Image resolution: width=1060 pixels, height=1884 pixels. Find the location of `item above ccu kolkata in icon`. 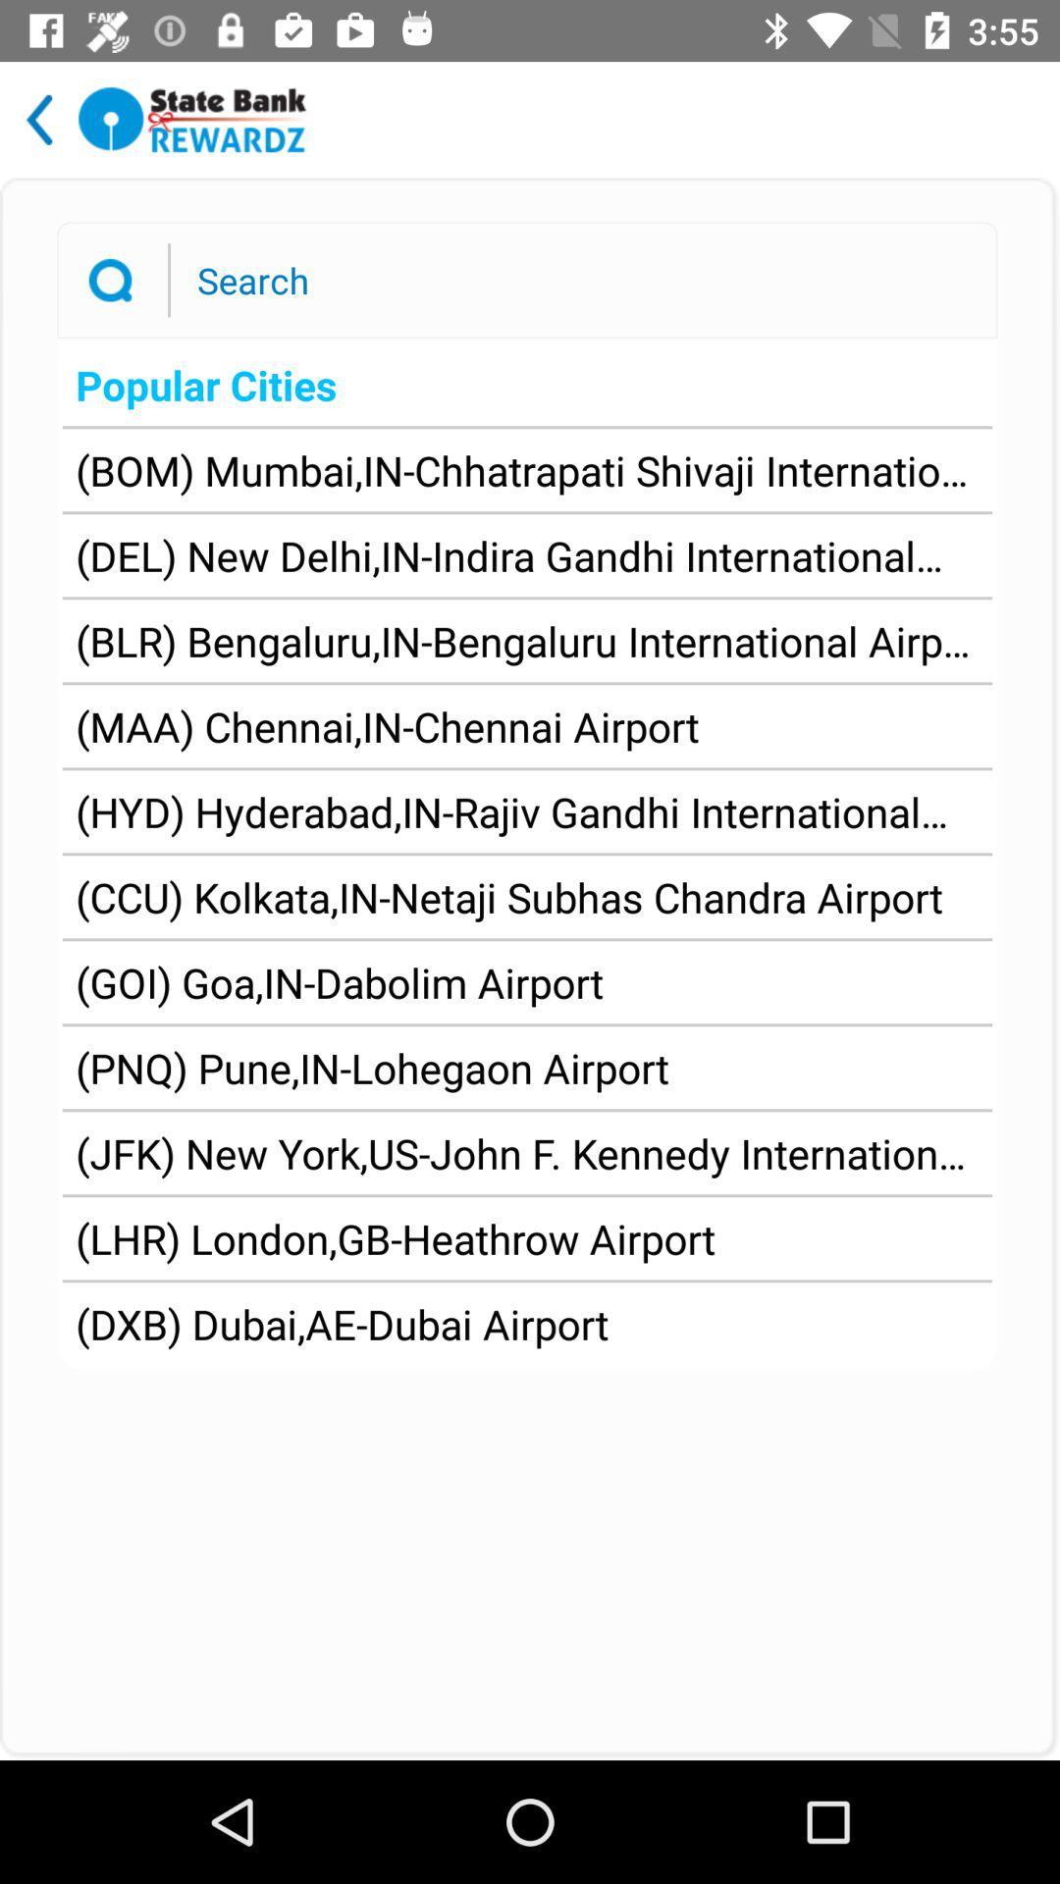

item above ccu kolkata in icon is located at coordinates (526, 811).